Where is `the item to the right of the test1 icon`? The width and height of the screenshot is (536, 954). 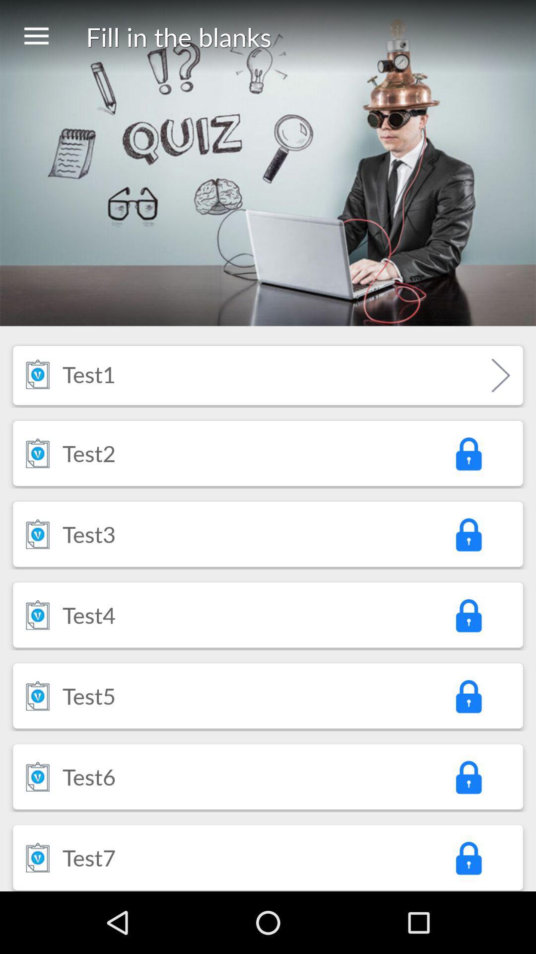
the item to the right of the test1 icon is located at coordinates (501, 375).